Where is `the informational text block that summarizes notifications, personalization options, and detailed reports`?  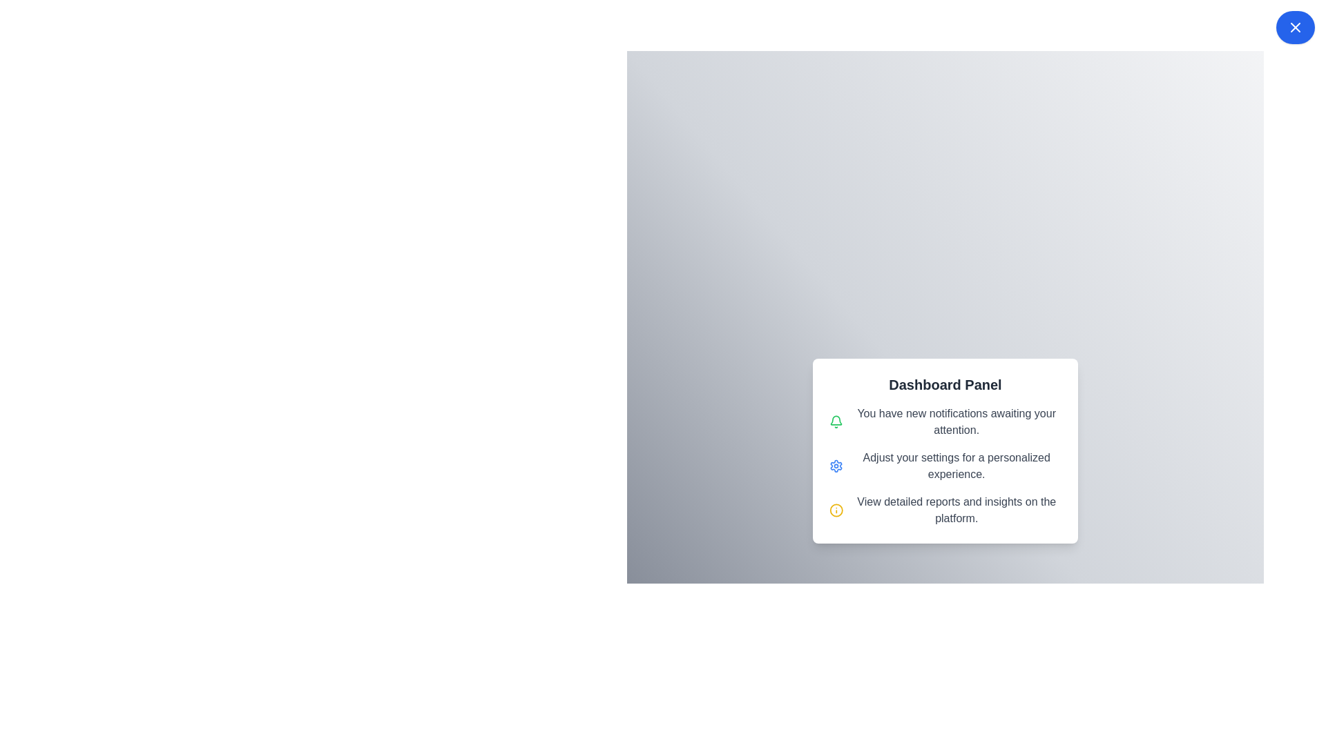
the informational text block that summarizes notifications, personalization options, and detailed reports is located at coordinates (944, 451).